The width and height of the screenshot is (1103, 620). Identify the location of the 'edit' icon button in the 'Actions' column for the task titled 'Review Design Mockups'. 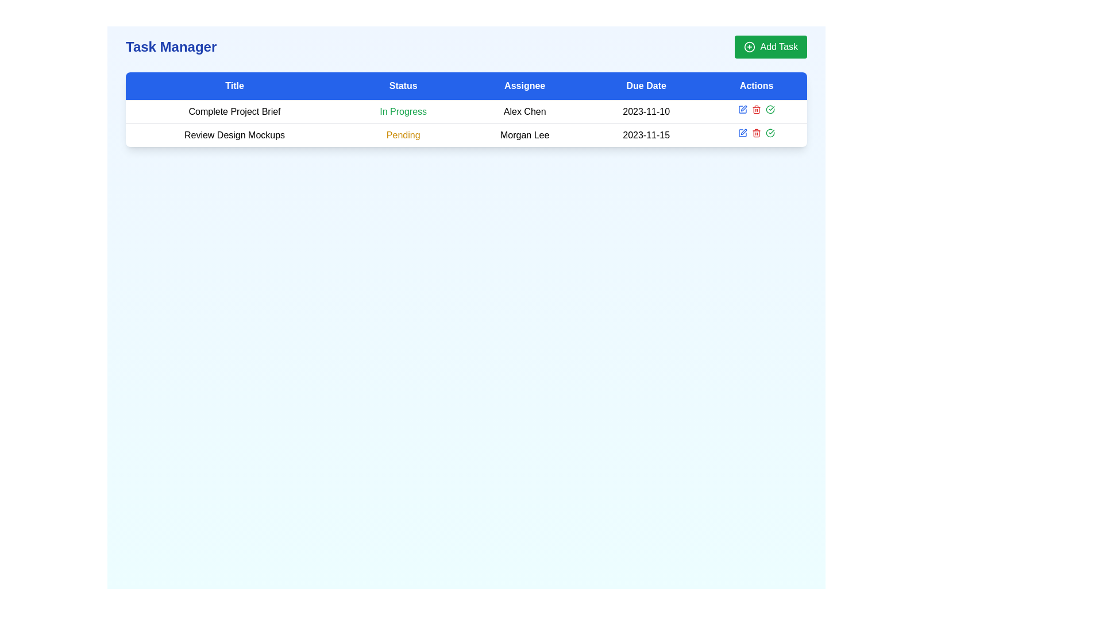
(744, 131).